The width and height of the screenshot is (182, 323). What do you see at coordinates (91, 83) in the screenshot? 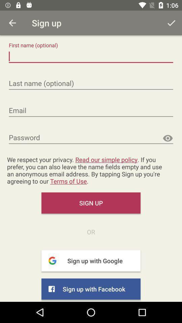
I see `last name optional` at bounding box center [91, 83].